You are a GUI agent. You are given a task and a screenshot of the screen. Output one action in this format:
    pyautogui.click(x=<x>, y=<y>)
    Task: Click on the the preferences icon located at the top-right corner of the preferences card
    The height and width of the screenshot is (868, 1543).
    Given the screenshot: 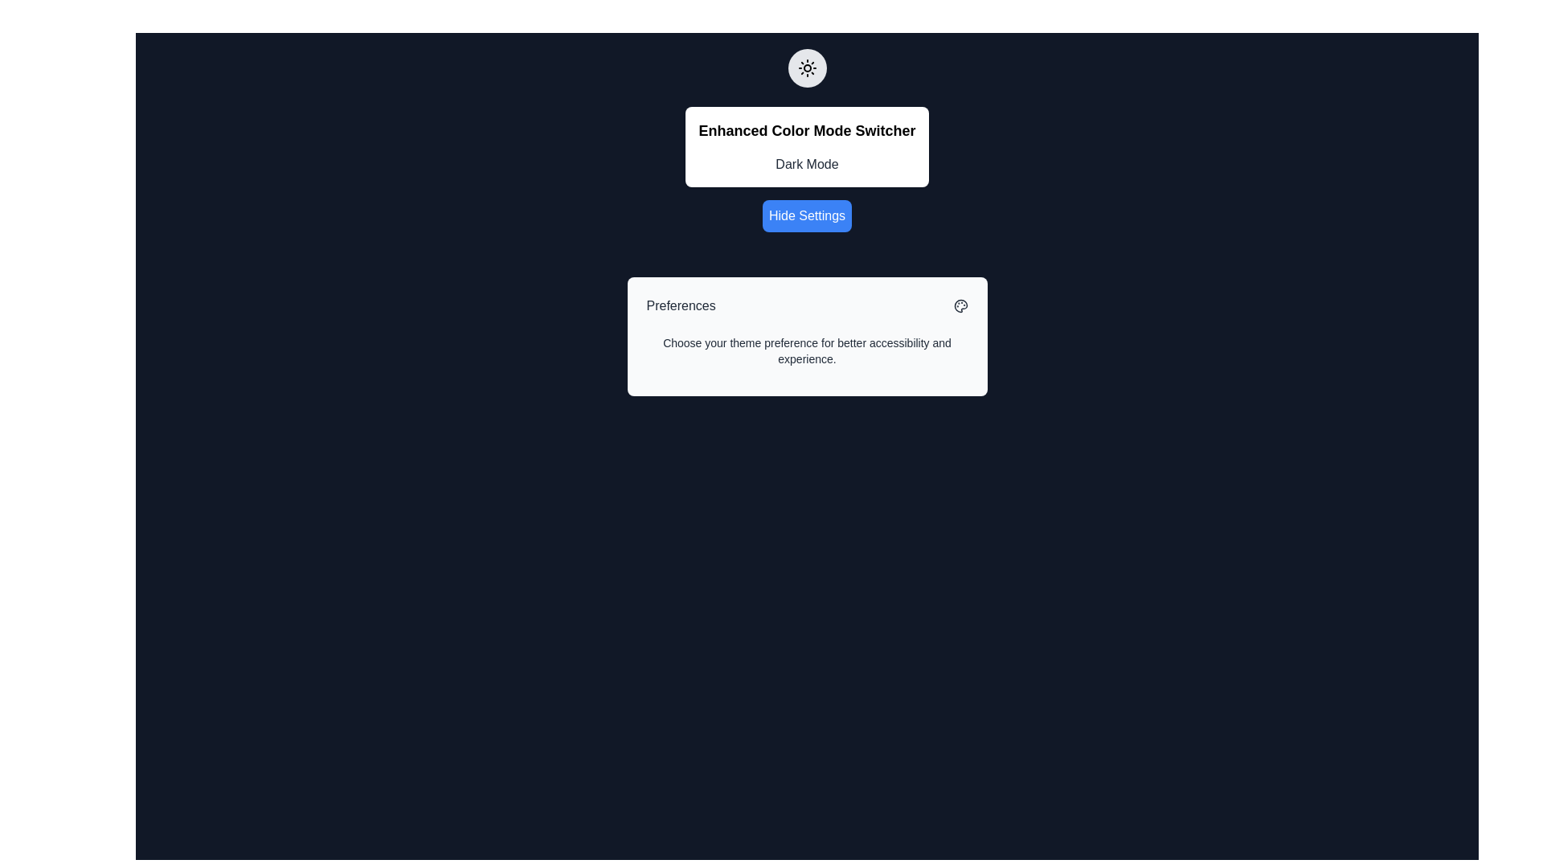 What is the action you would take?
    pyautogui.click(x=960, y=306)
    